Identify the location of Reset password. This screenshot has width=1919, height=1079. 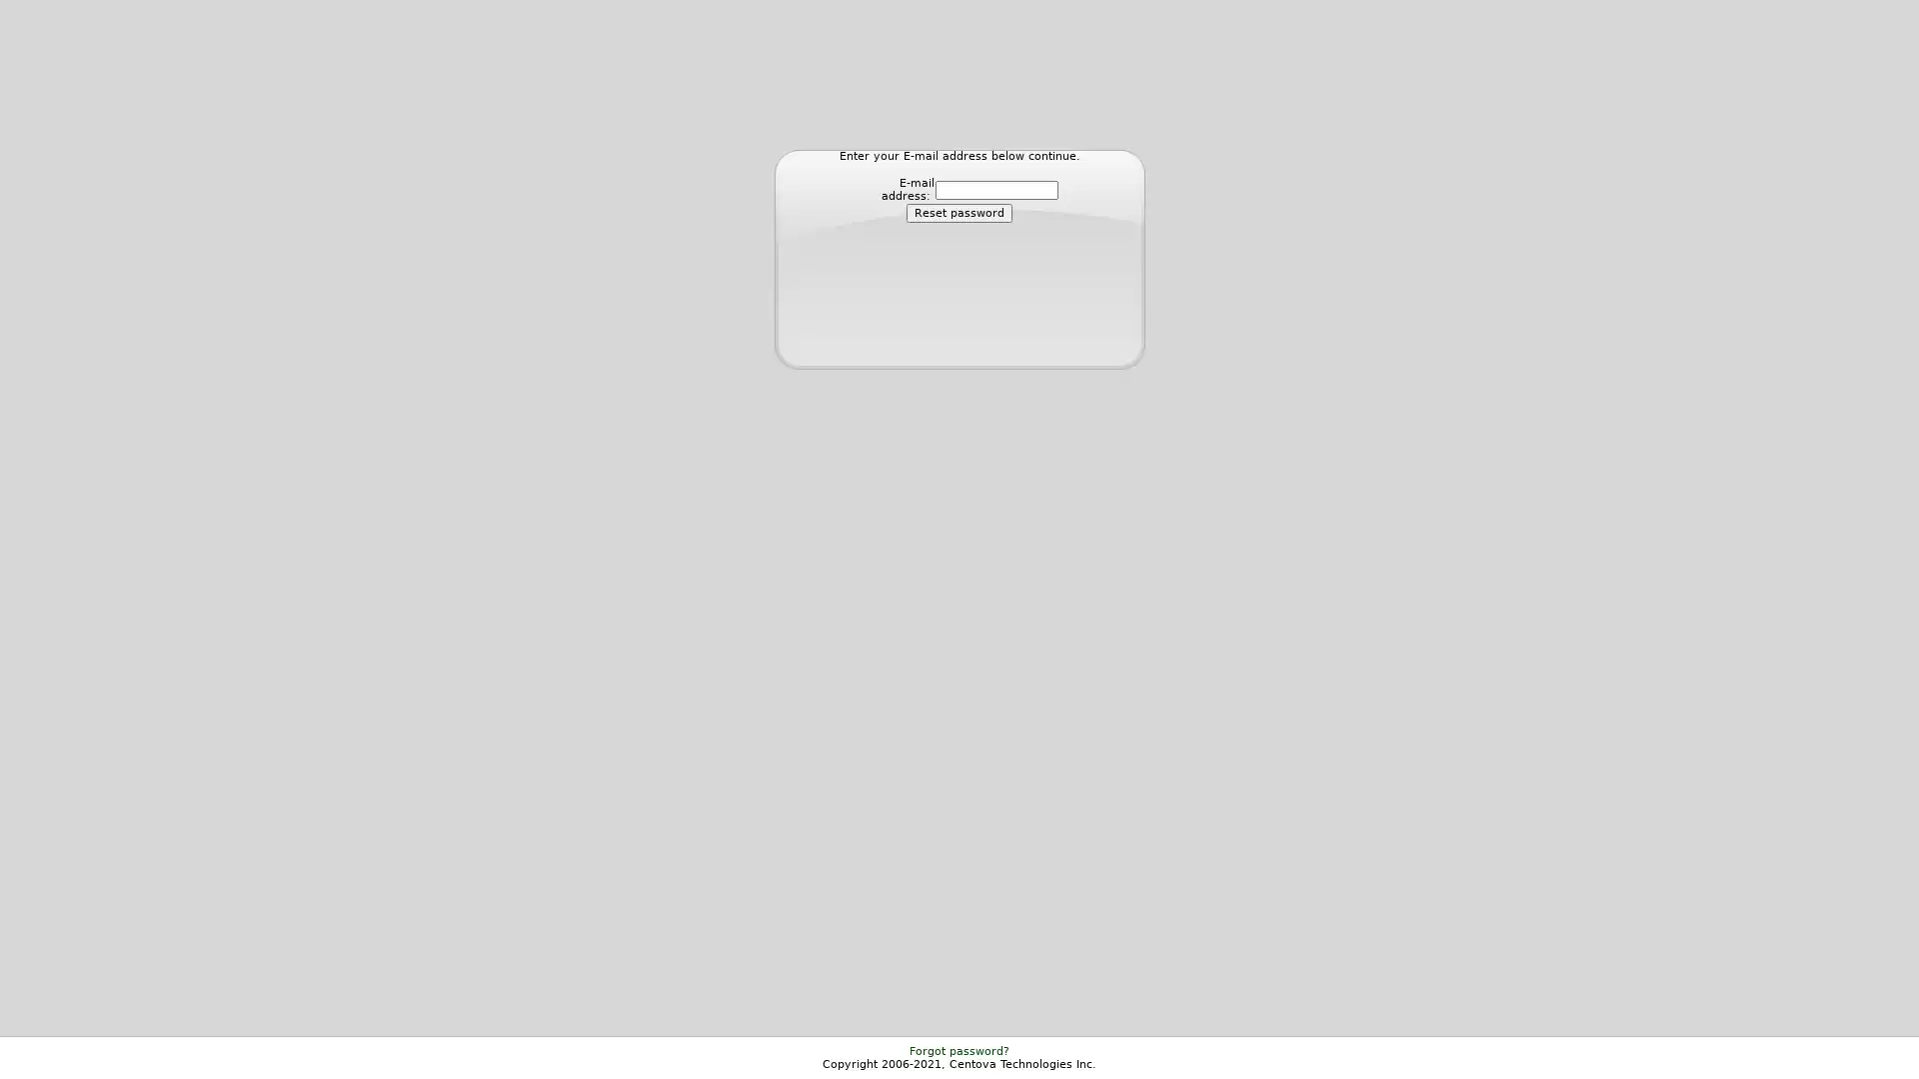
(959, 213).